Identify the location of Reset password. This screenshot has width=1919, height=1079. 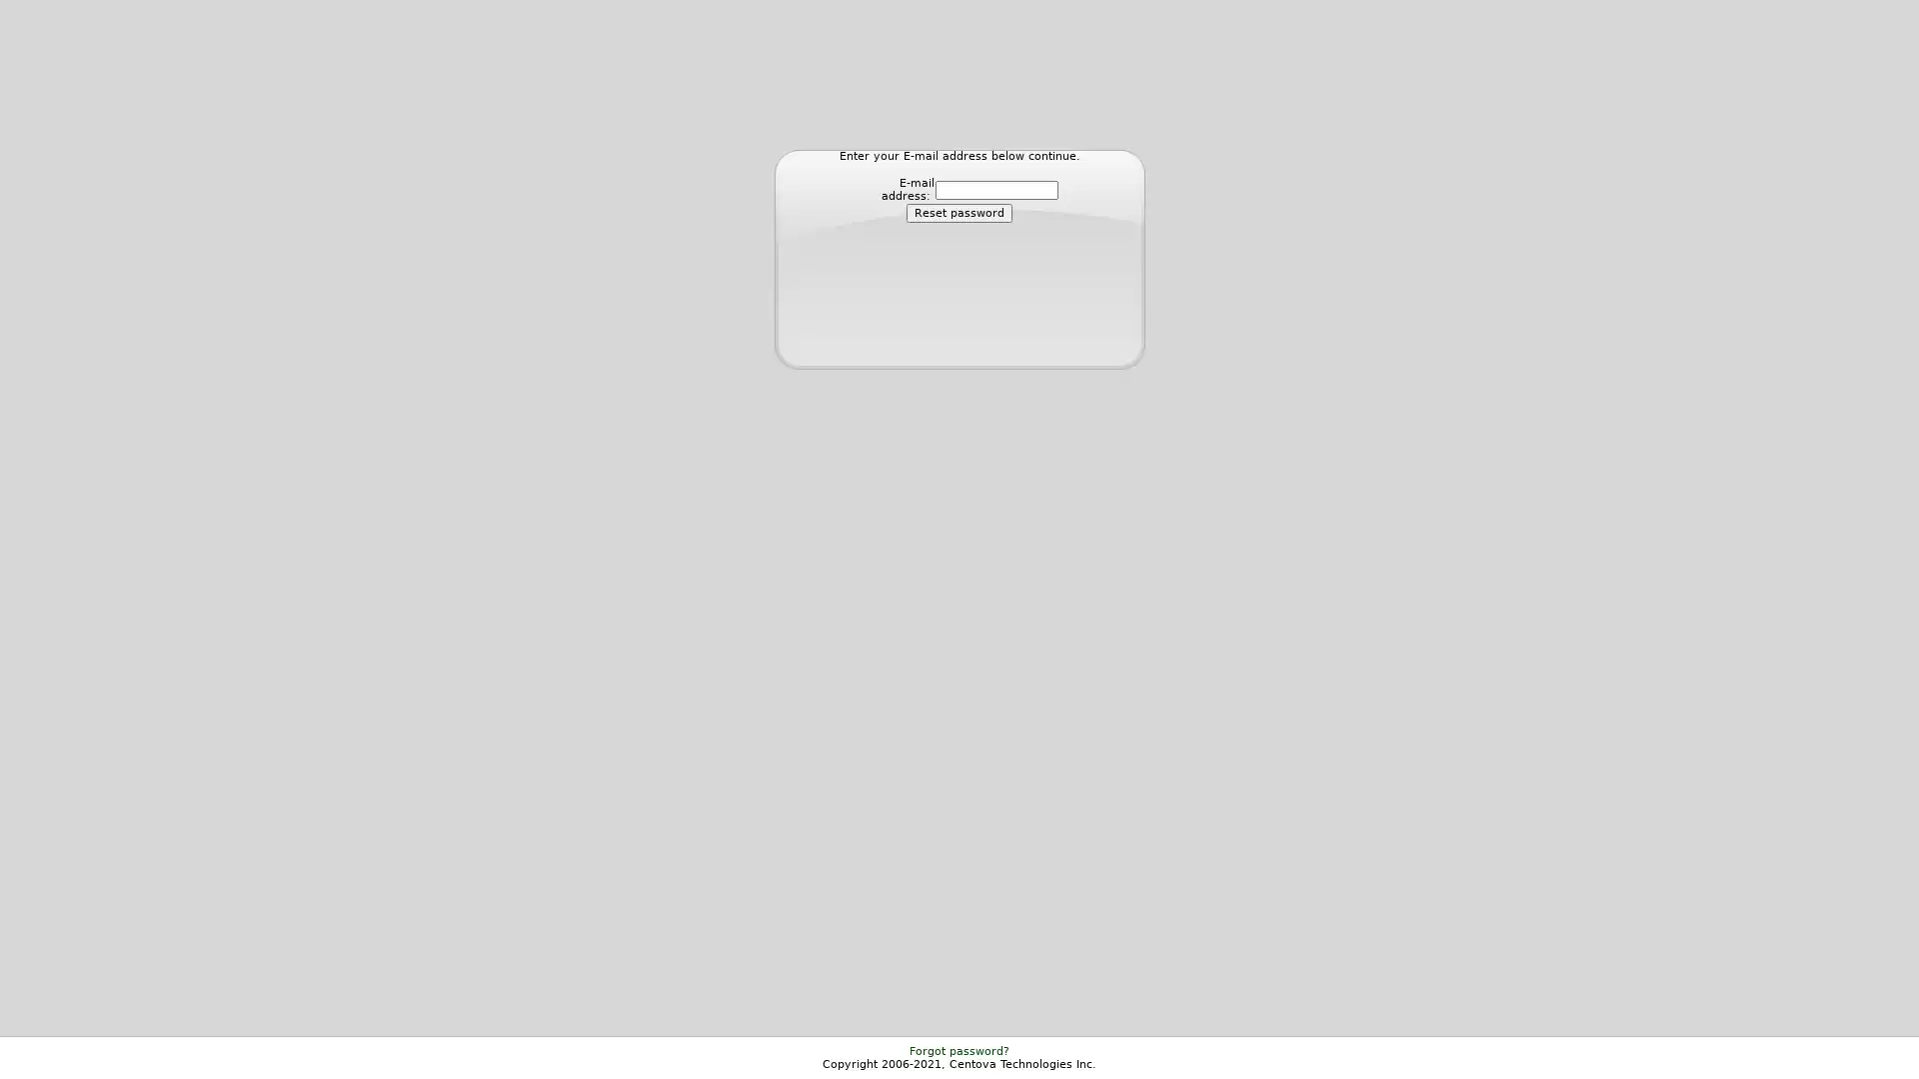
(959, 213).